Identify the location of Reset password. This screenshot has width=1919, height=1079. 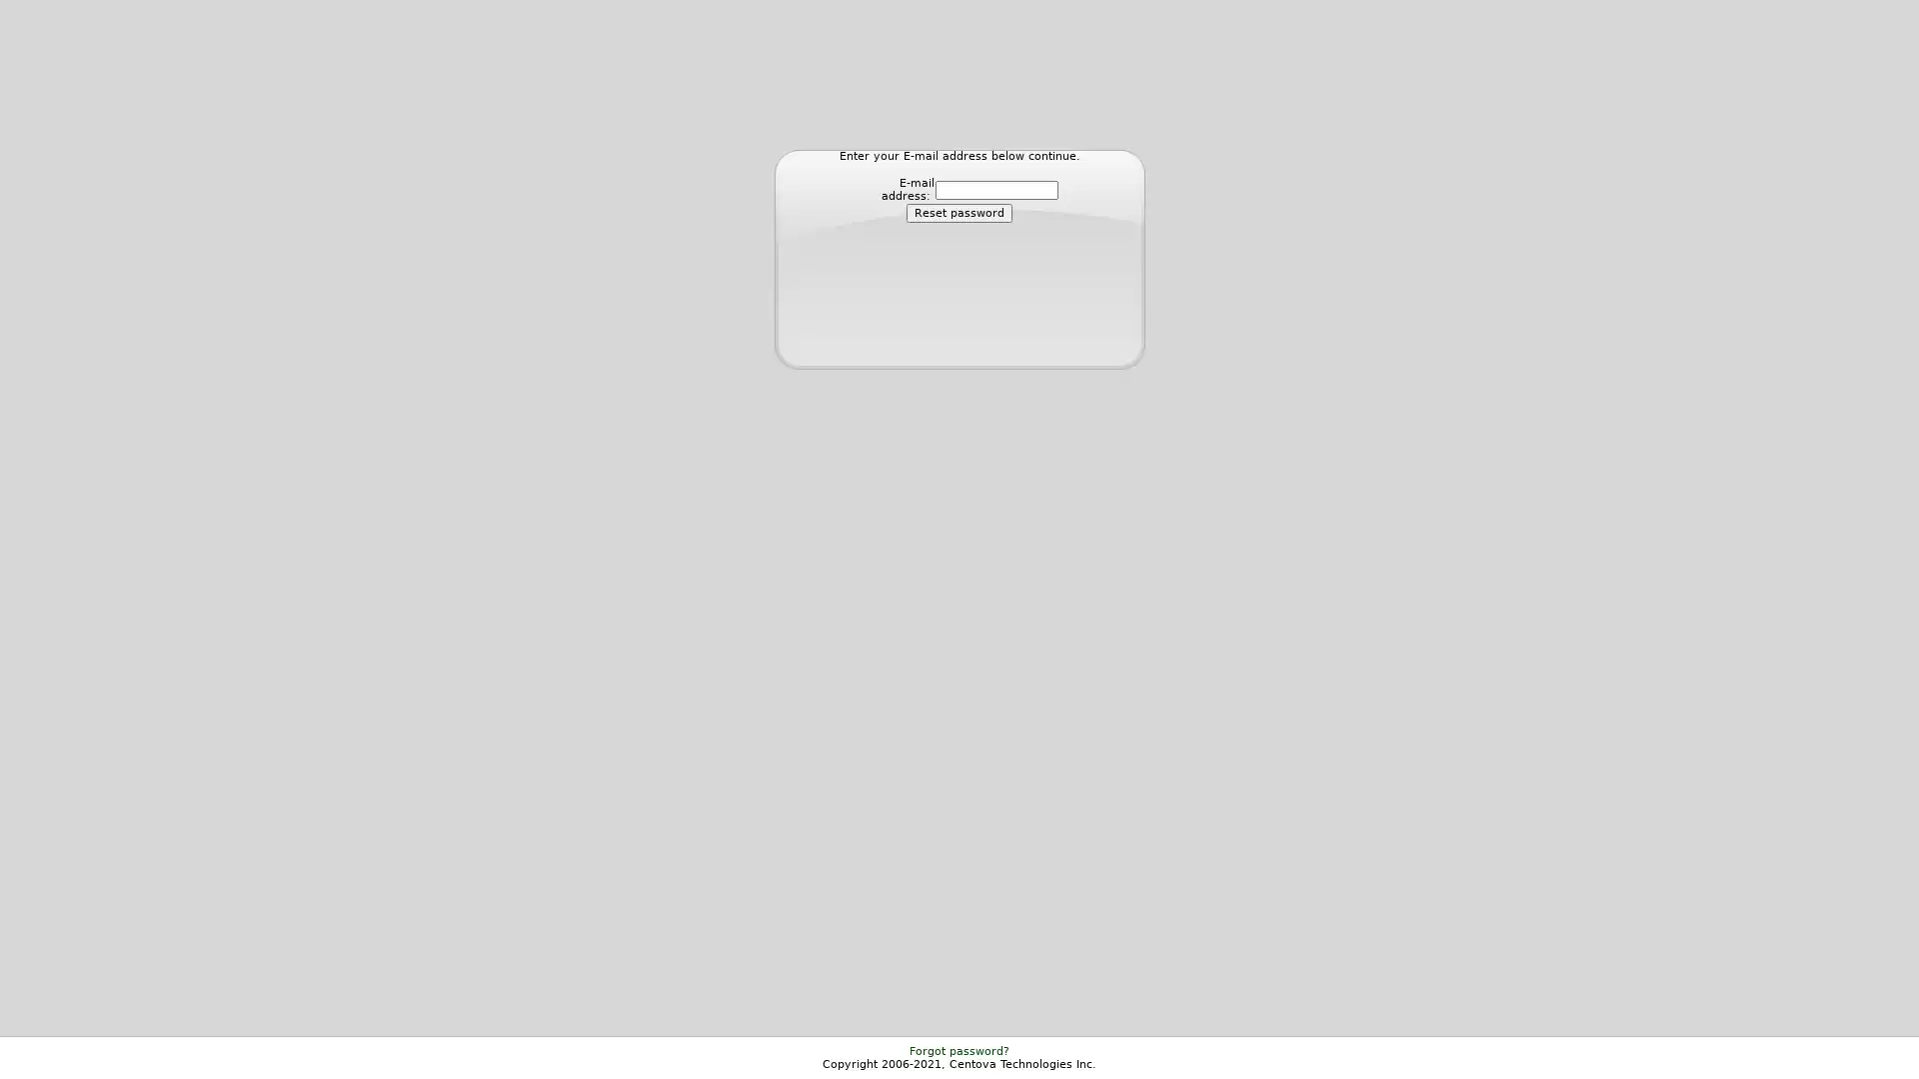
(959, 213).